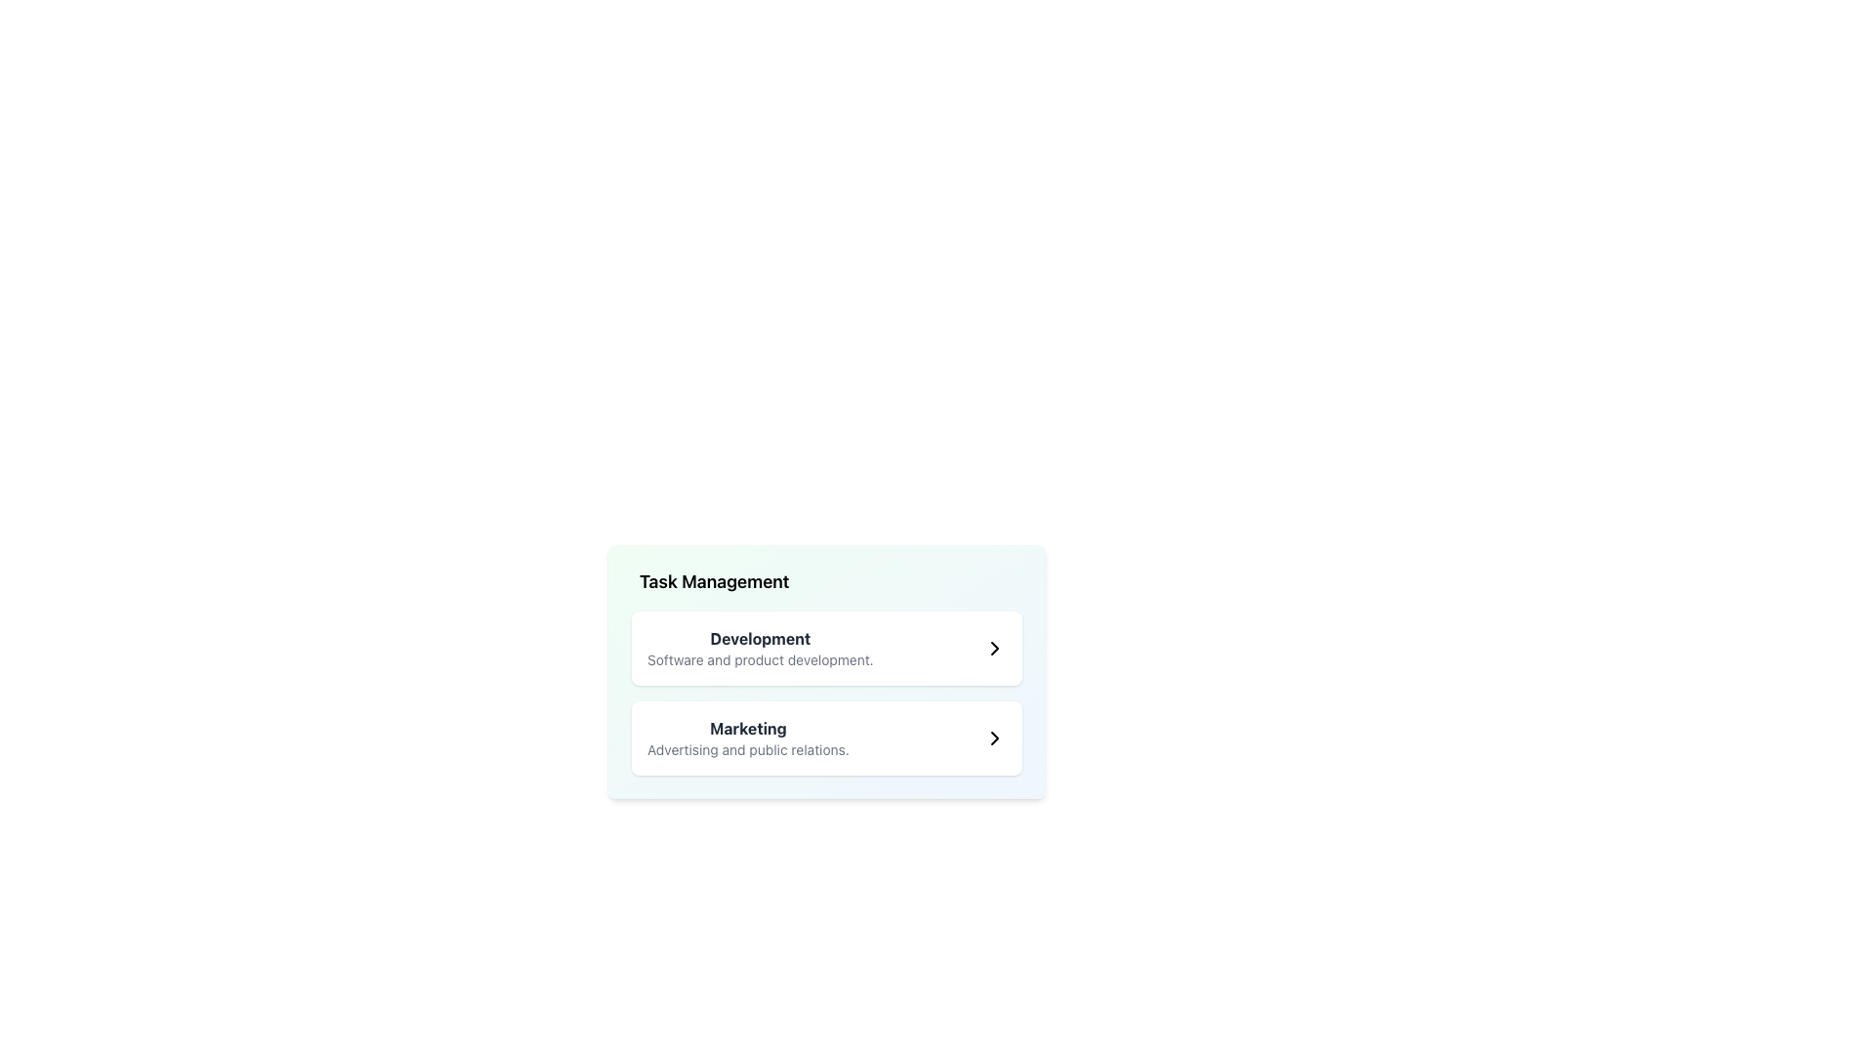 Image resolution: width=1875 pixels, height=1055 pixels. Describe the element at coordinates (826, 738) in the screenshot. I see `the 'Marketing' interactive list item located in the second card of the 'Task Management' section` at that location.